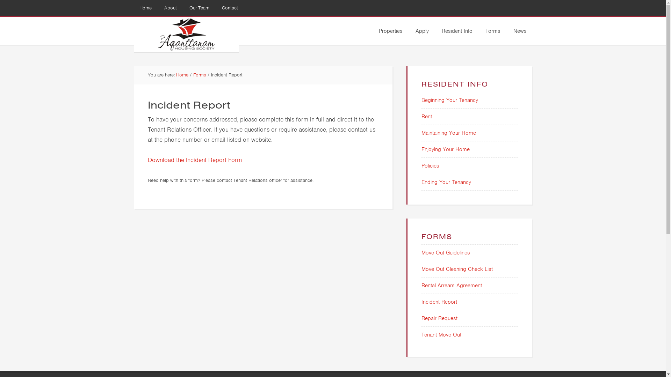  What do you see at coordinates (230, 8) in the screenshot?
I see `'Contact'` at bounding box center [230, 8].